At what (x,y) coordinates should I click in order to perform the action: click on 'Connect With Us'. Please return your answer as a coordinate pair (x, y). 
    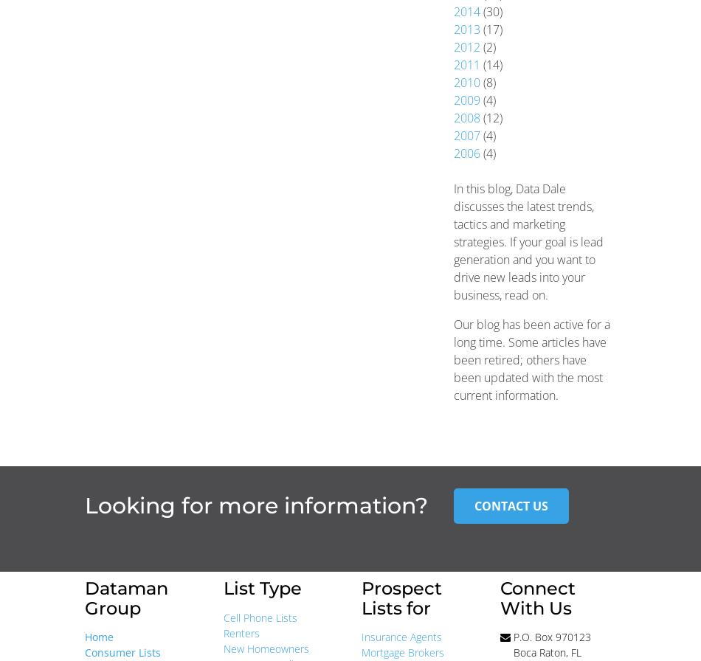
    Looking at the image, I should click on (536, 598).